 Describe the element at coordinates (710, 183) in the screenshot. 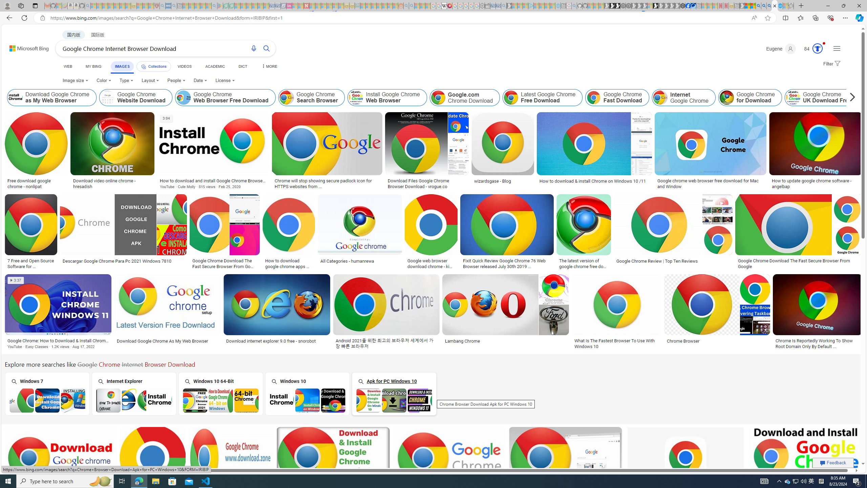

I see `'Google chrome web browser free download for Mac and Window'` at that location.